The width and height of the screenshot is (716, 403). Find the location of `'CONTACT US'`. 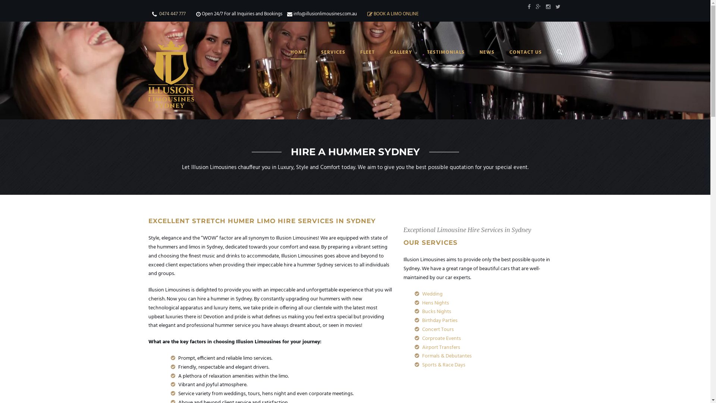

'CONTACT US' is located at coordinates (518, 60).